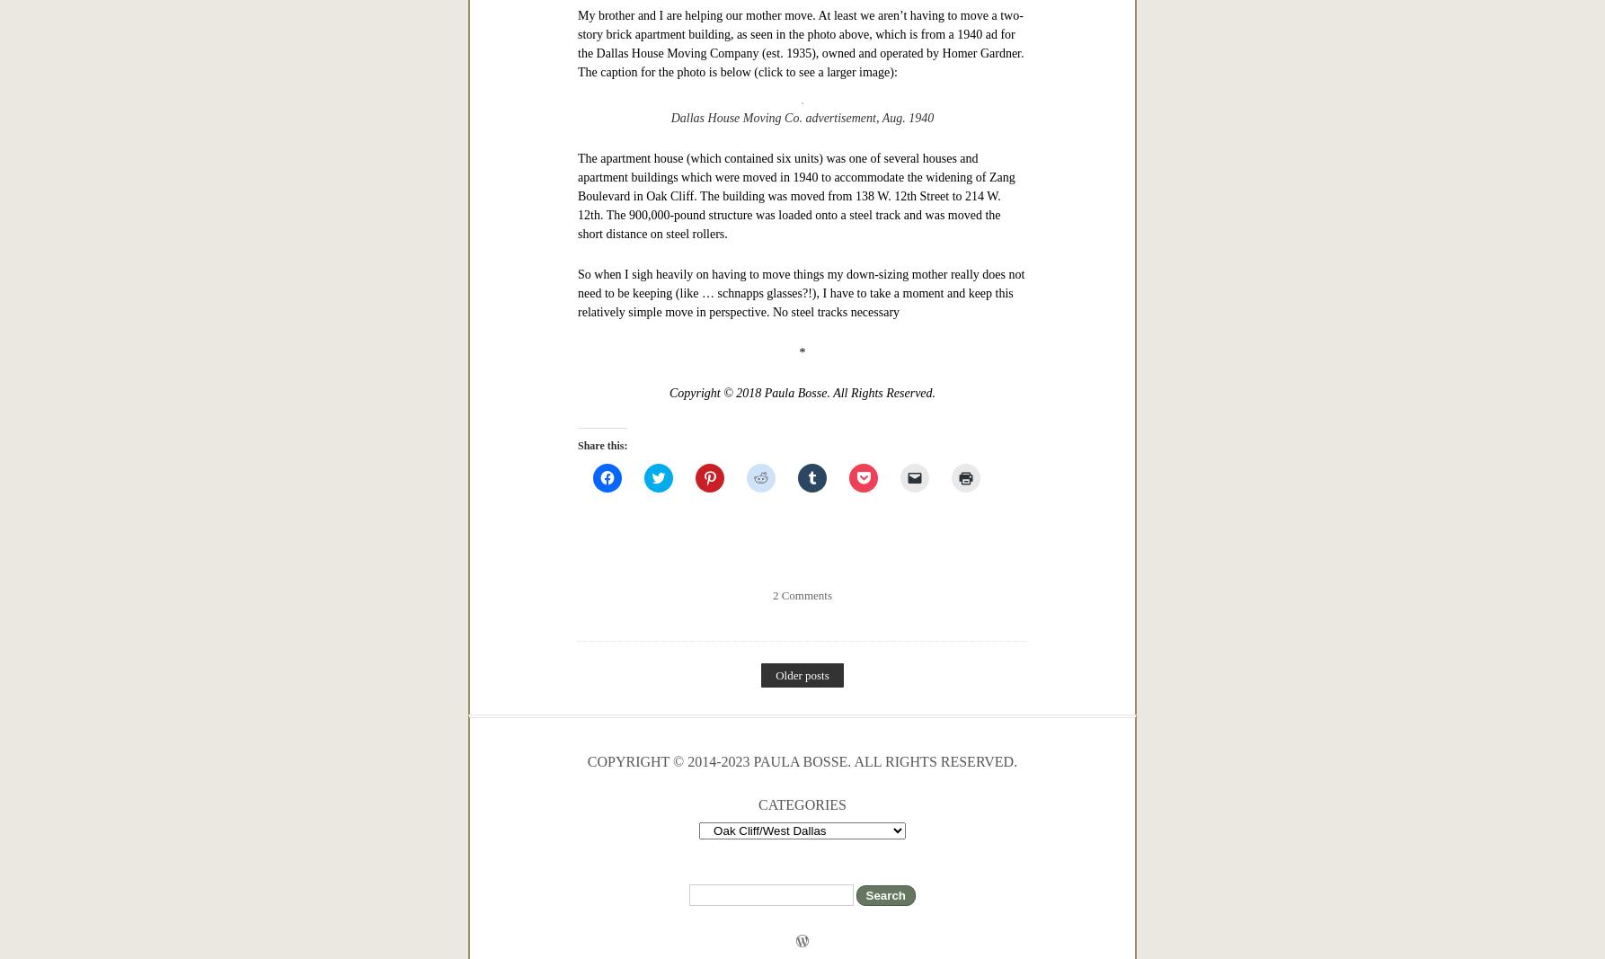 Image resolution: width=1605 pixels, height=959 pixels. I want to click on 'h', so click(850, 9).